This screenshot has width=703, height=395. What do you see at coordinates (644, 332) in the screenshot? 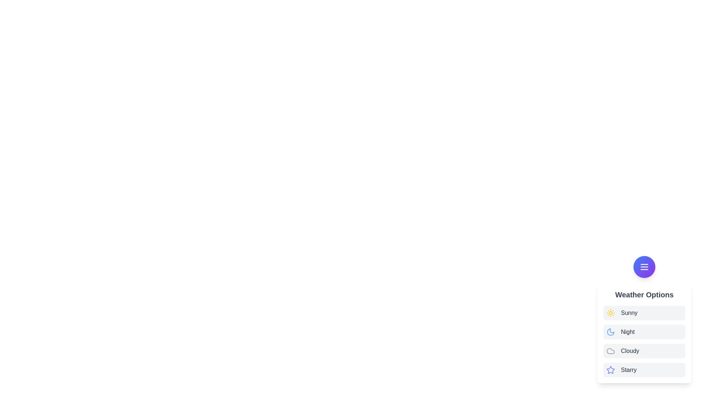
I see `the weather option Night from the list` at bounding box center [644, 332].